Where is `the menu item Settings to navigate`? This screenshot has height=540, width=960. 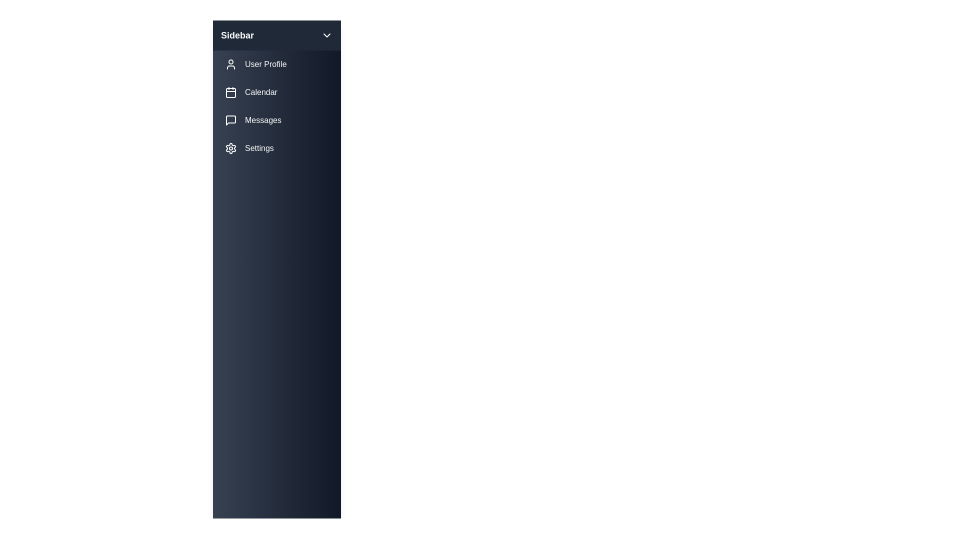
the menu item Settings to navigate is located at coordinates (276, 148).